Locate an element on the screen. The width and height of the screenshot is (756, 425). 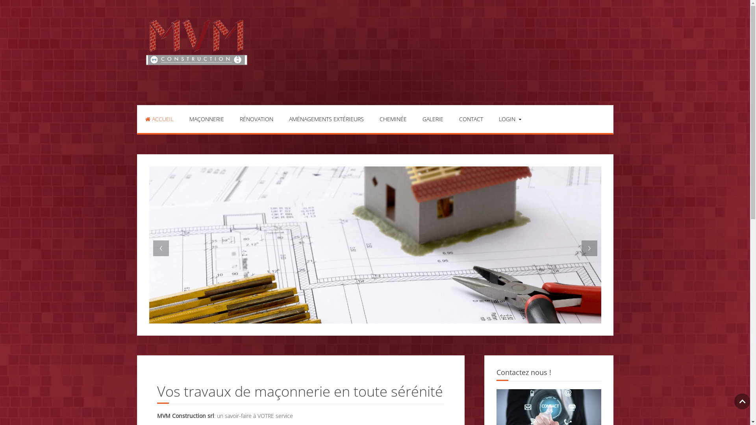
'GALERIE' is located at coordinates (432, 119).